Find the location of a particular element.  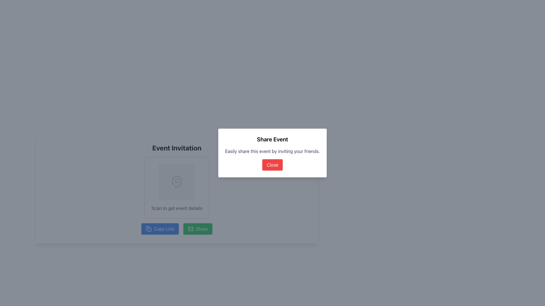

the 'Share' button, which is the right button in the horizontal stack of interactive buttons with a green background and an envelope icon, located at the bottom of the 'Event Invitation' section is located at coordinates (177, 228).